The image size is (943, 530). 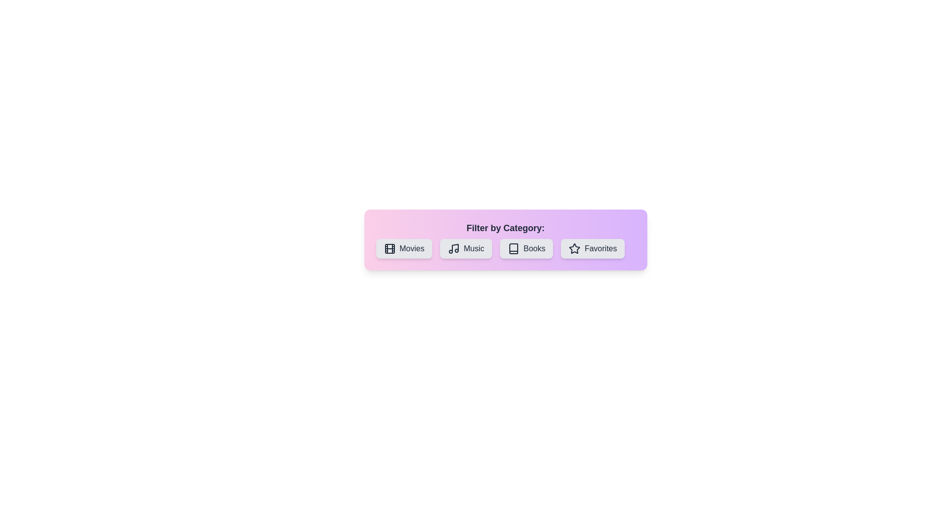 I want to click on the button labeled Favorites, so click(x=592, y=248).